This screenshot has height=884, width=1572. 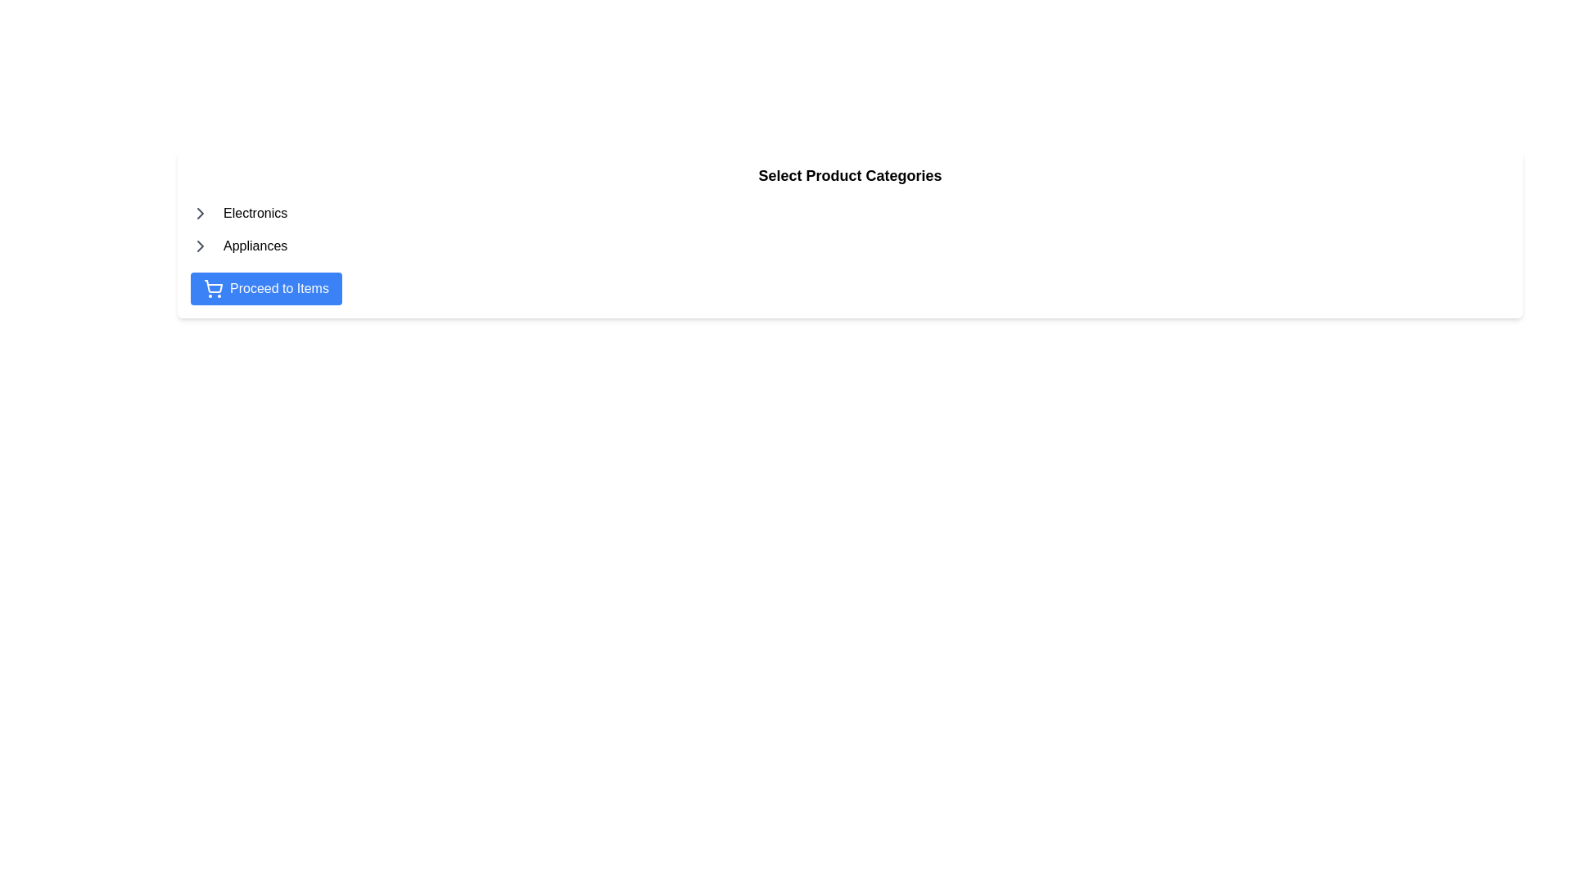 I want to click on the shopping cart icon, which is located to the left side of the 'Proceed to Items' button with a blue background and white text, so click(x=212, y=288).